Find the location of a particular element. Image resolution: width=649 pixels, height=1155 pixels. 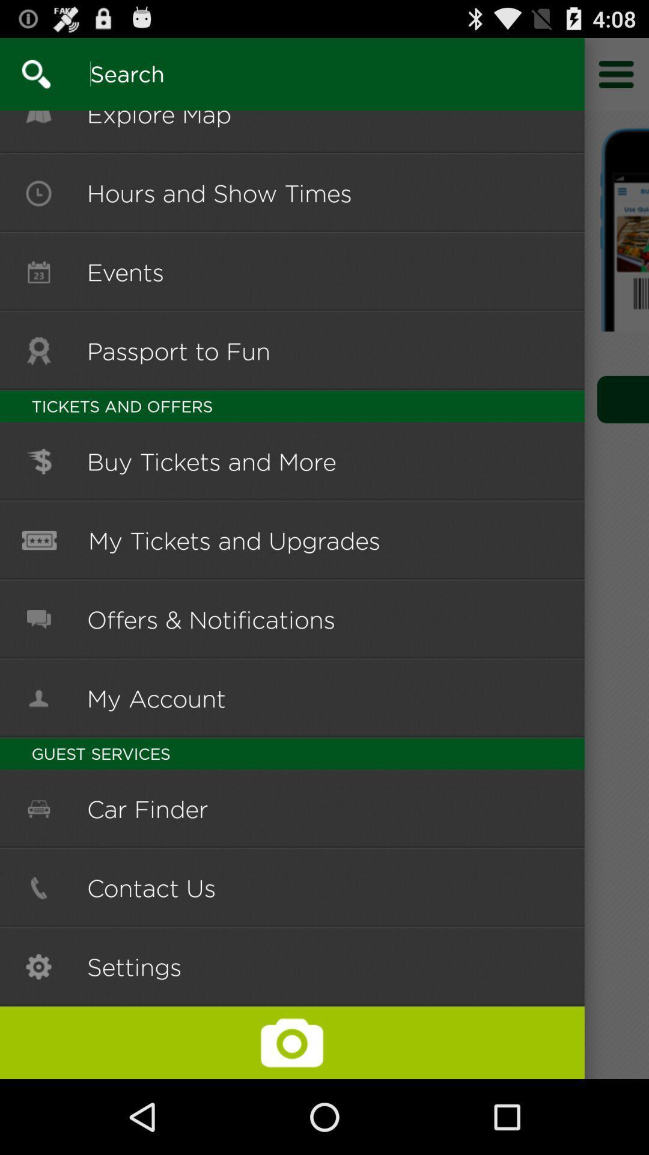

search bar option is located at coordinates (285, 73).